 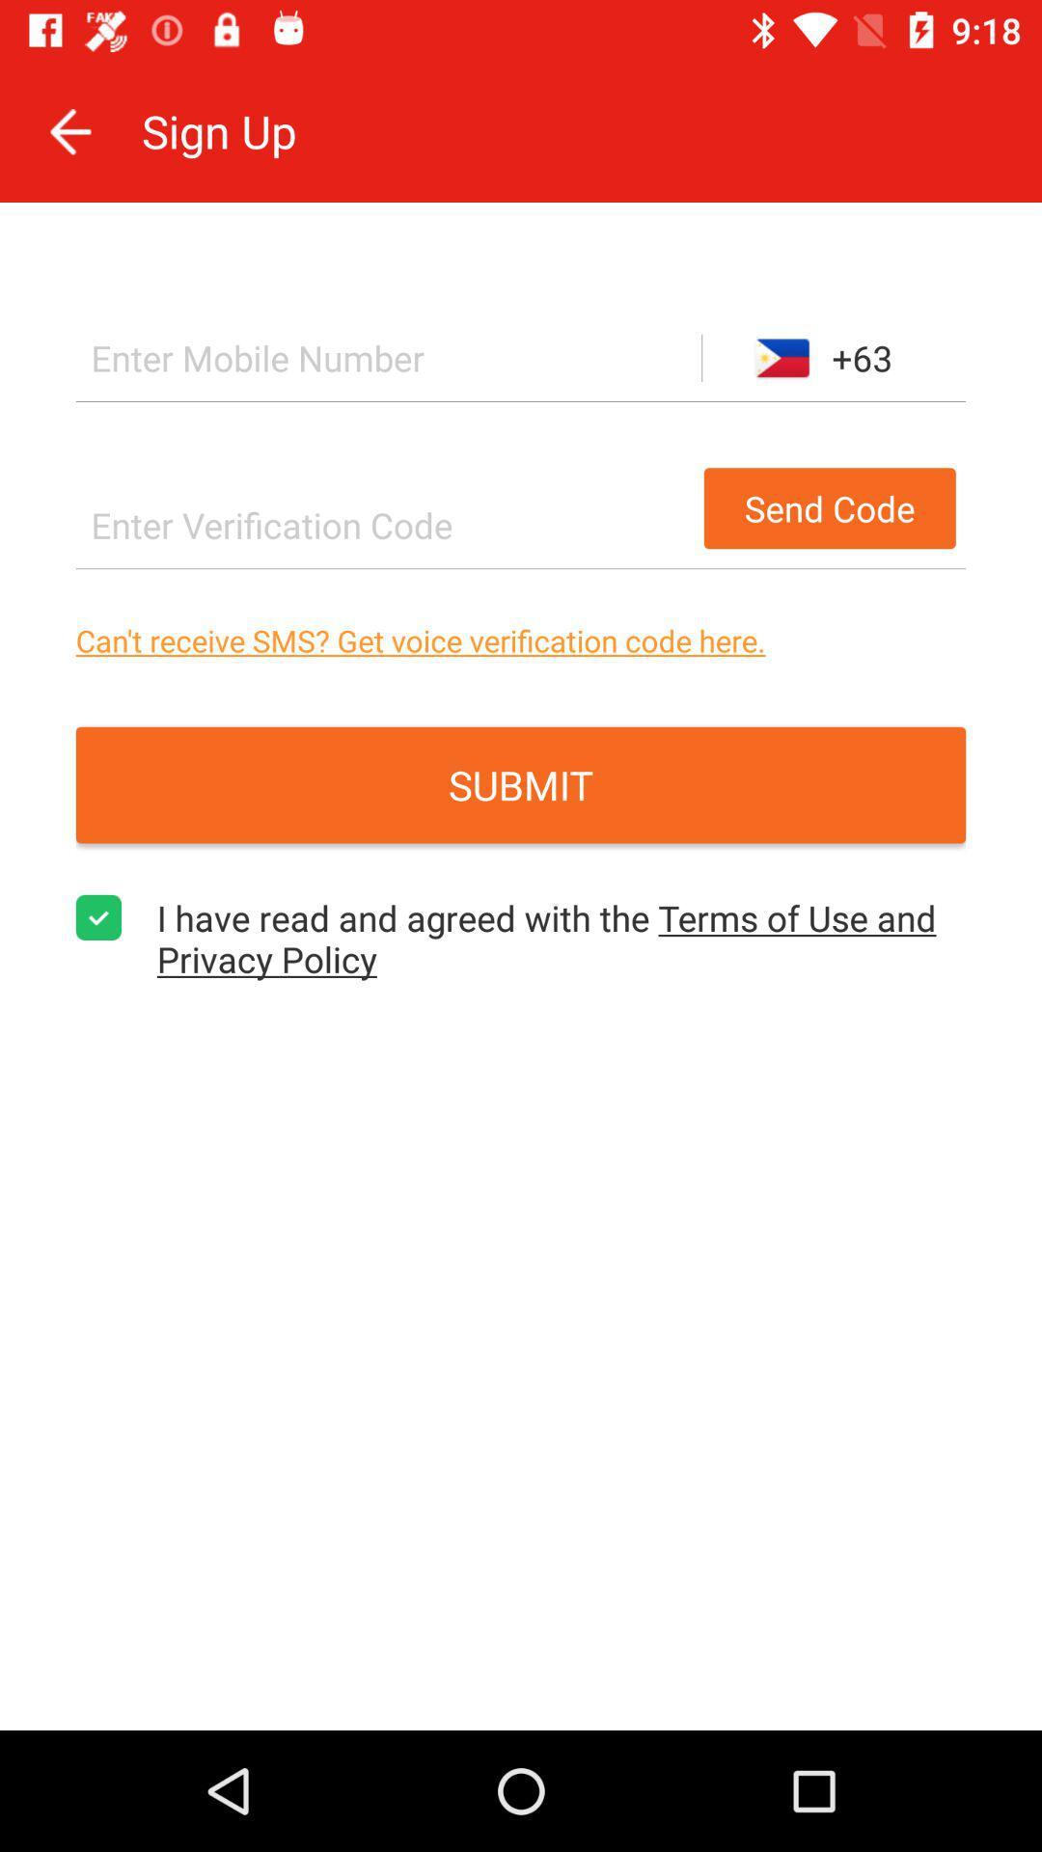 What do you see at coordinates (521, 640) in the screenshot?
I see `icon above submit item` at bounding box center [521, 640].